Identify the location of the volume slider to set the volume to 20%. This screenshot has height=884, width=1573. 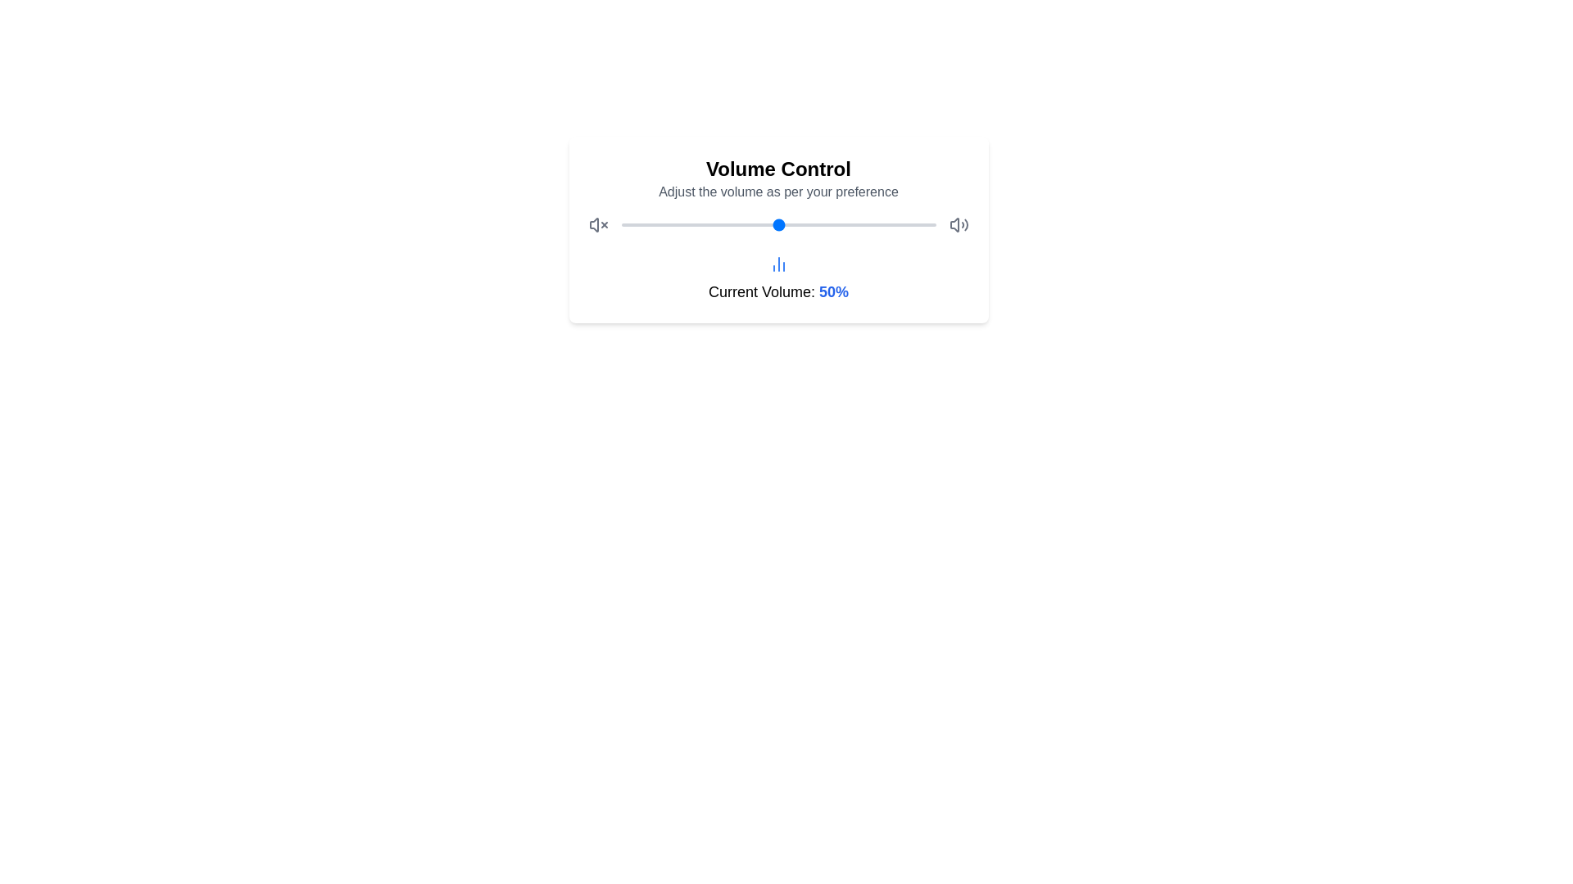
(684, 224).